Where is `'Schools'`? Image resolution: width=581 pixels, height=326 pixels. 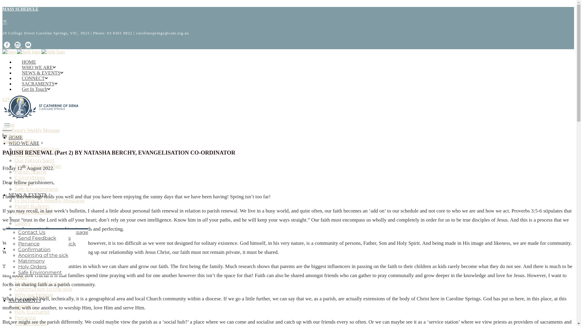
'Schools' is located at coordinates (15, 183).